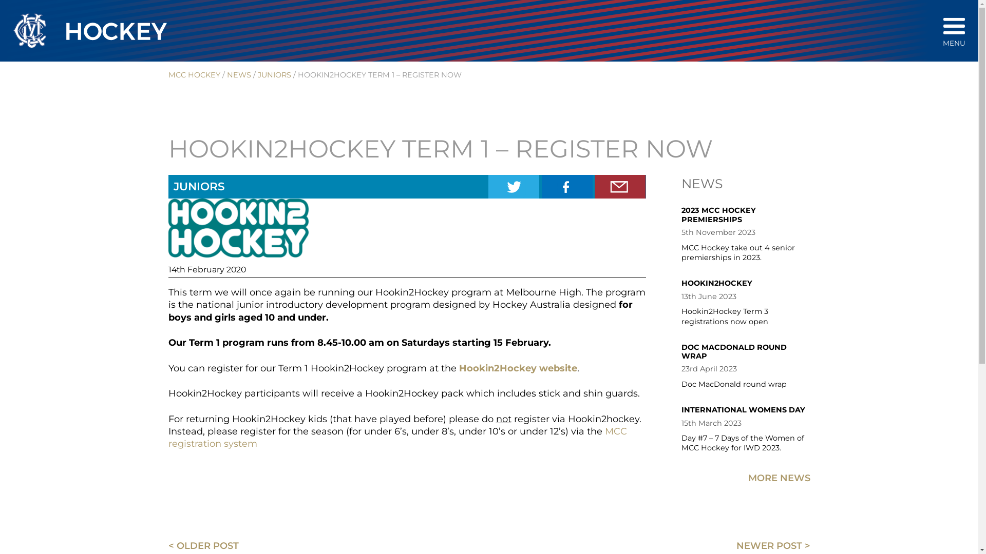  I want to click on '< OLDER POST', so click(203, 545).